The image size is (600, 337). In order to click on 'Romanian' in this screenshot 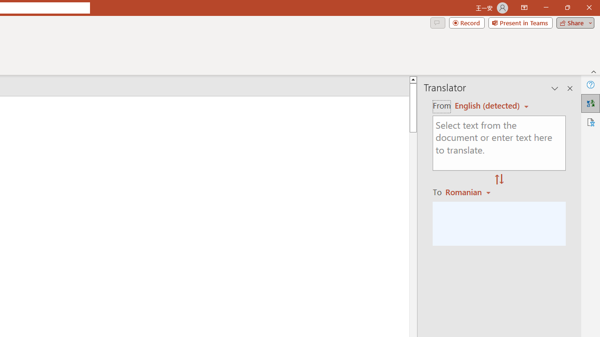, I will do `click(469, 191)`.